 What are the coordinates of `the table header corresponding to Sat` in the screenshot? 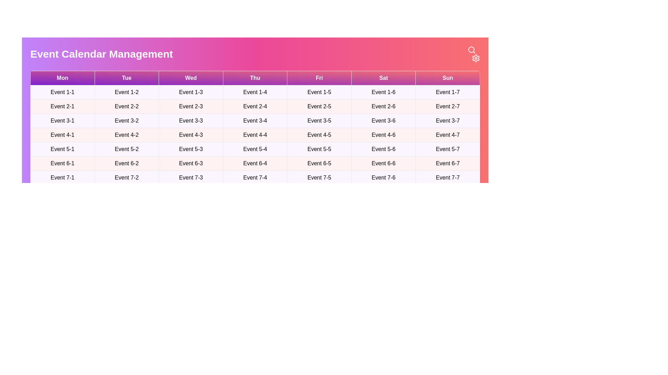 It's located at (383, 78).